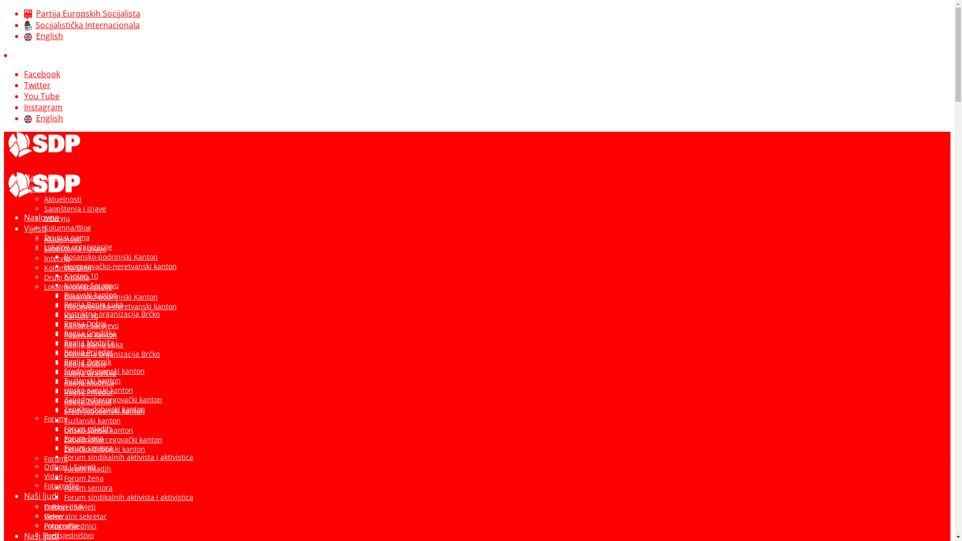 This screenshot has height=541, width=962. I want to click on 'Generalni sekretar', so click(75, 516).